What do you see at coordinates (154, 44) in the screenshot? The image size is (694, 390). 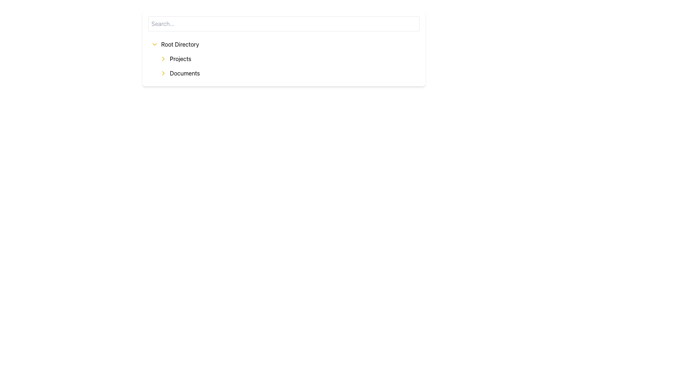 I see `the icon located to the left of the 'Root Directory' text` at bounding box center [154, 44].